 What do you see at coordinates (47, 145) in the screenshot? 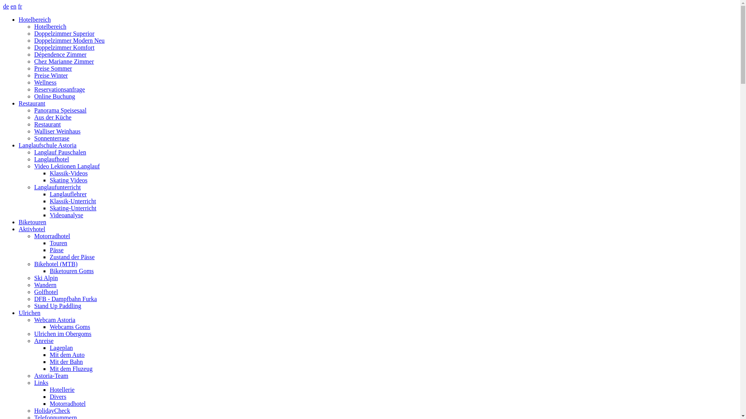
I see `'Langlaufschule Astoria'` at bounding box center [47, 145].